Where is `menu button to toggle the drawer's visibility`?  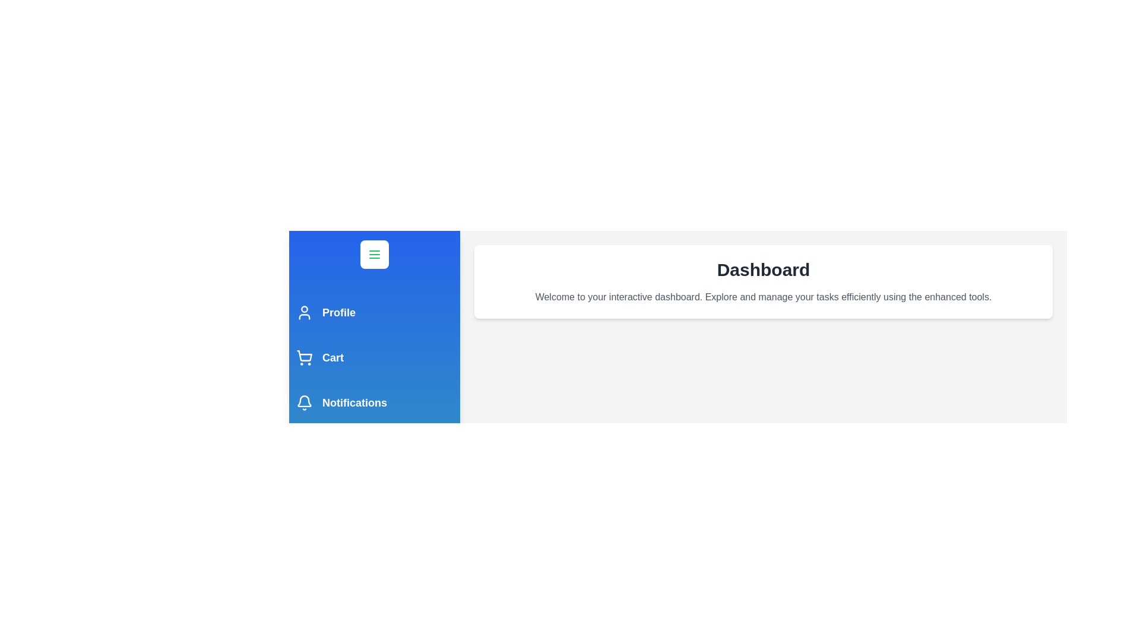
menu button to toggle the drawer's visibility is located at coordinates (373, 253).